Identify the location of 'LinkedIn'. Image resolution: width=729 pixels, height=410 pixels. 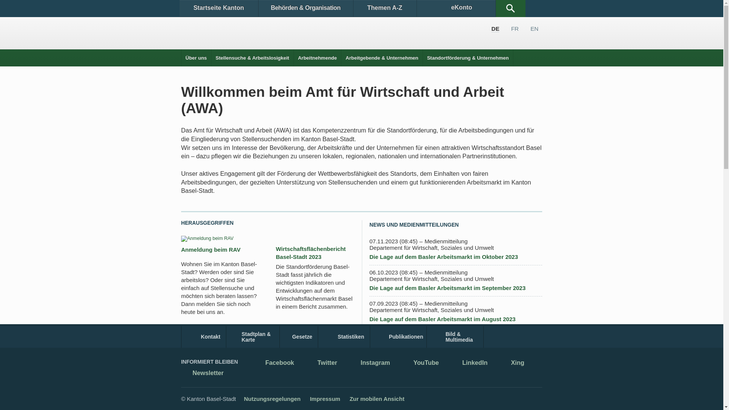
(469, 363).